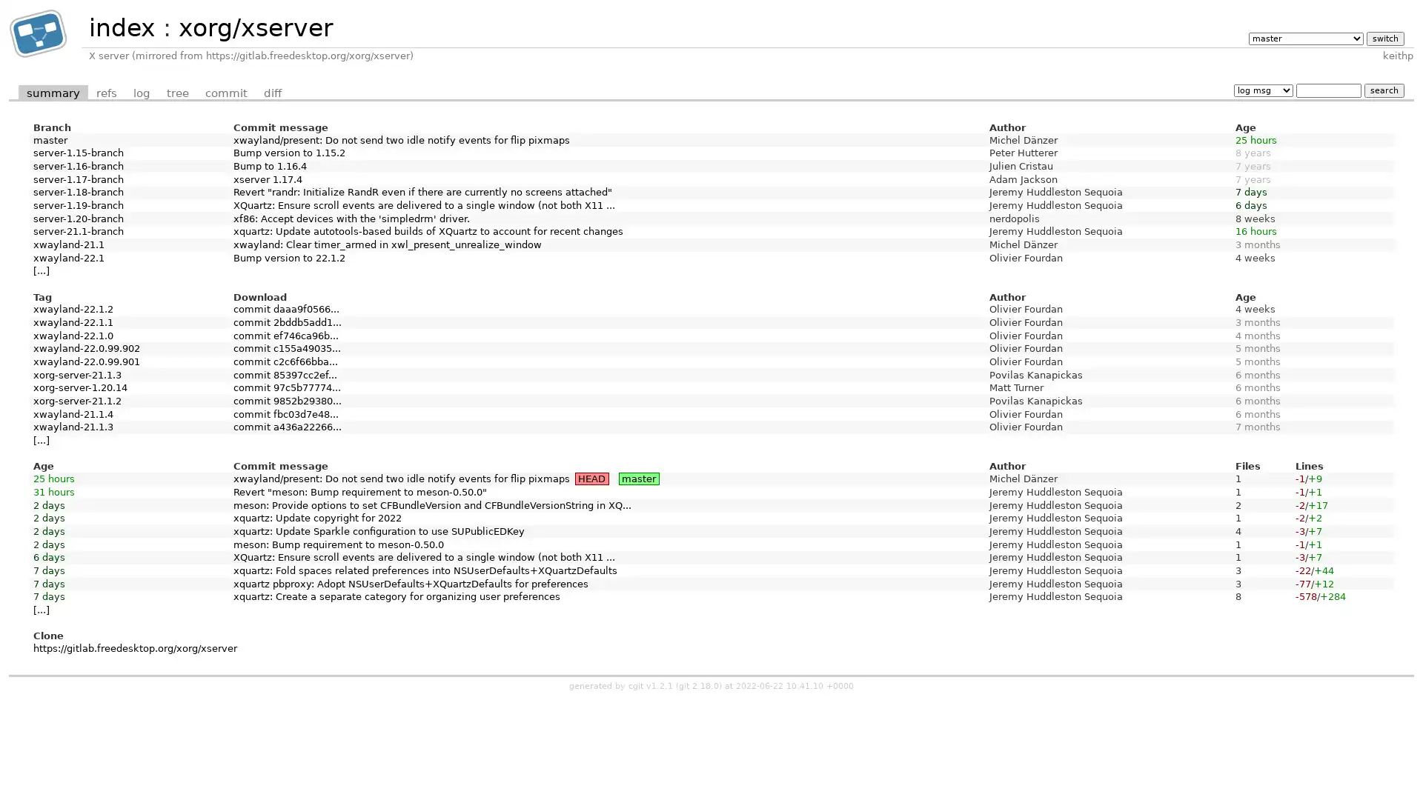  I want to click on switch, so click(1384, 37).